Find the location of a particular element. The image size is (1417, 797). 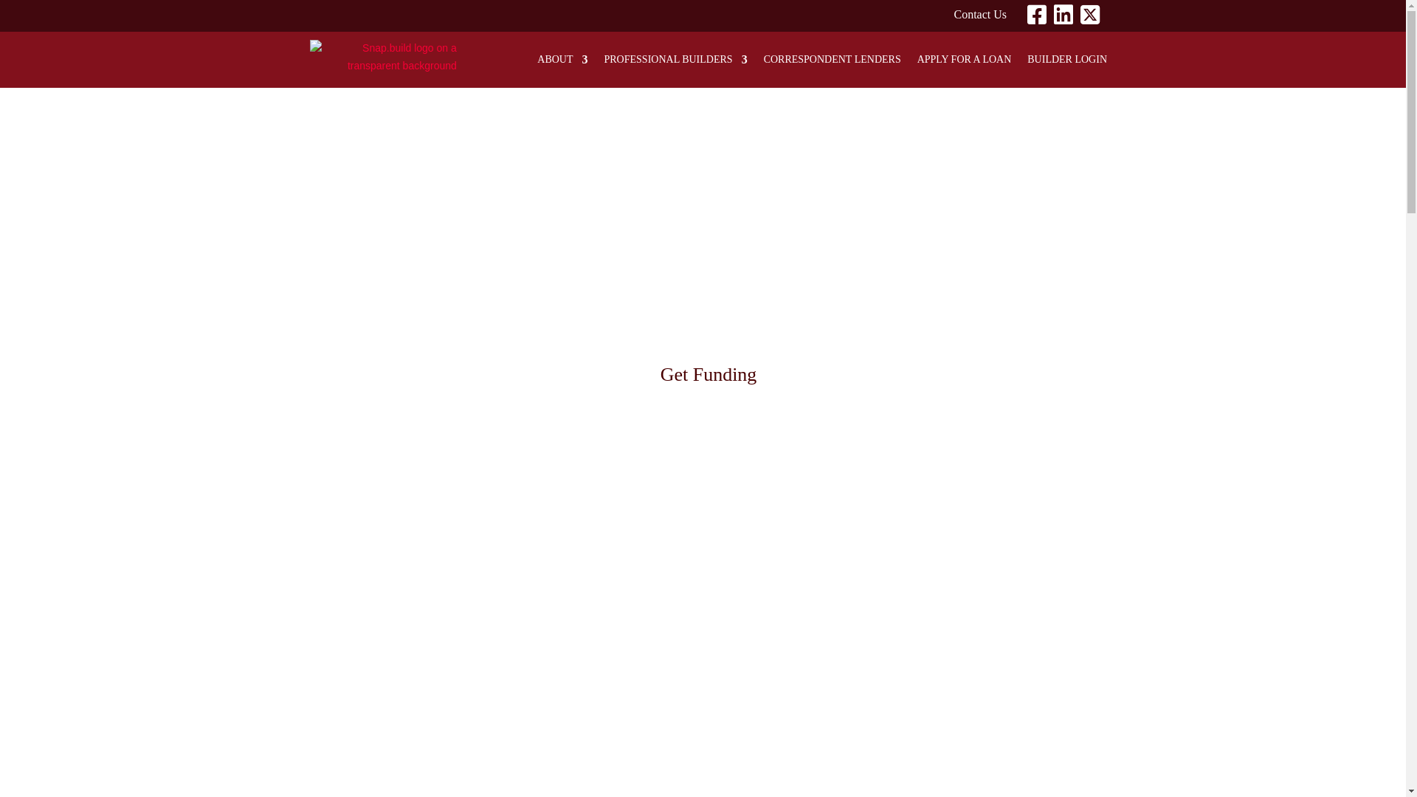

'APPLY FOR A LOAN' is located at coordinates (964, 59).